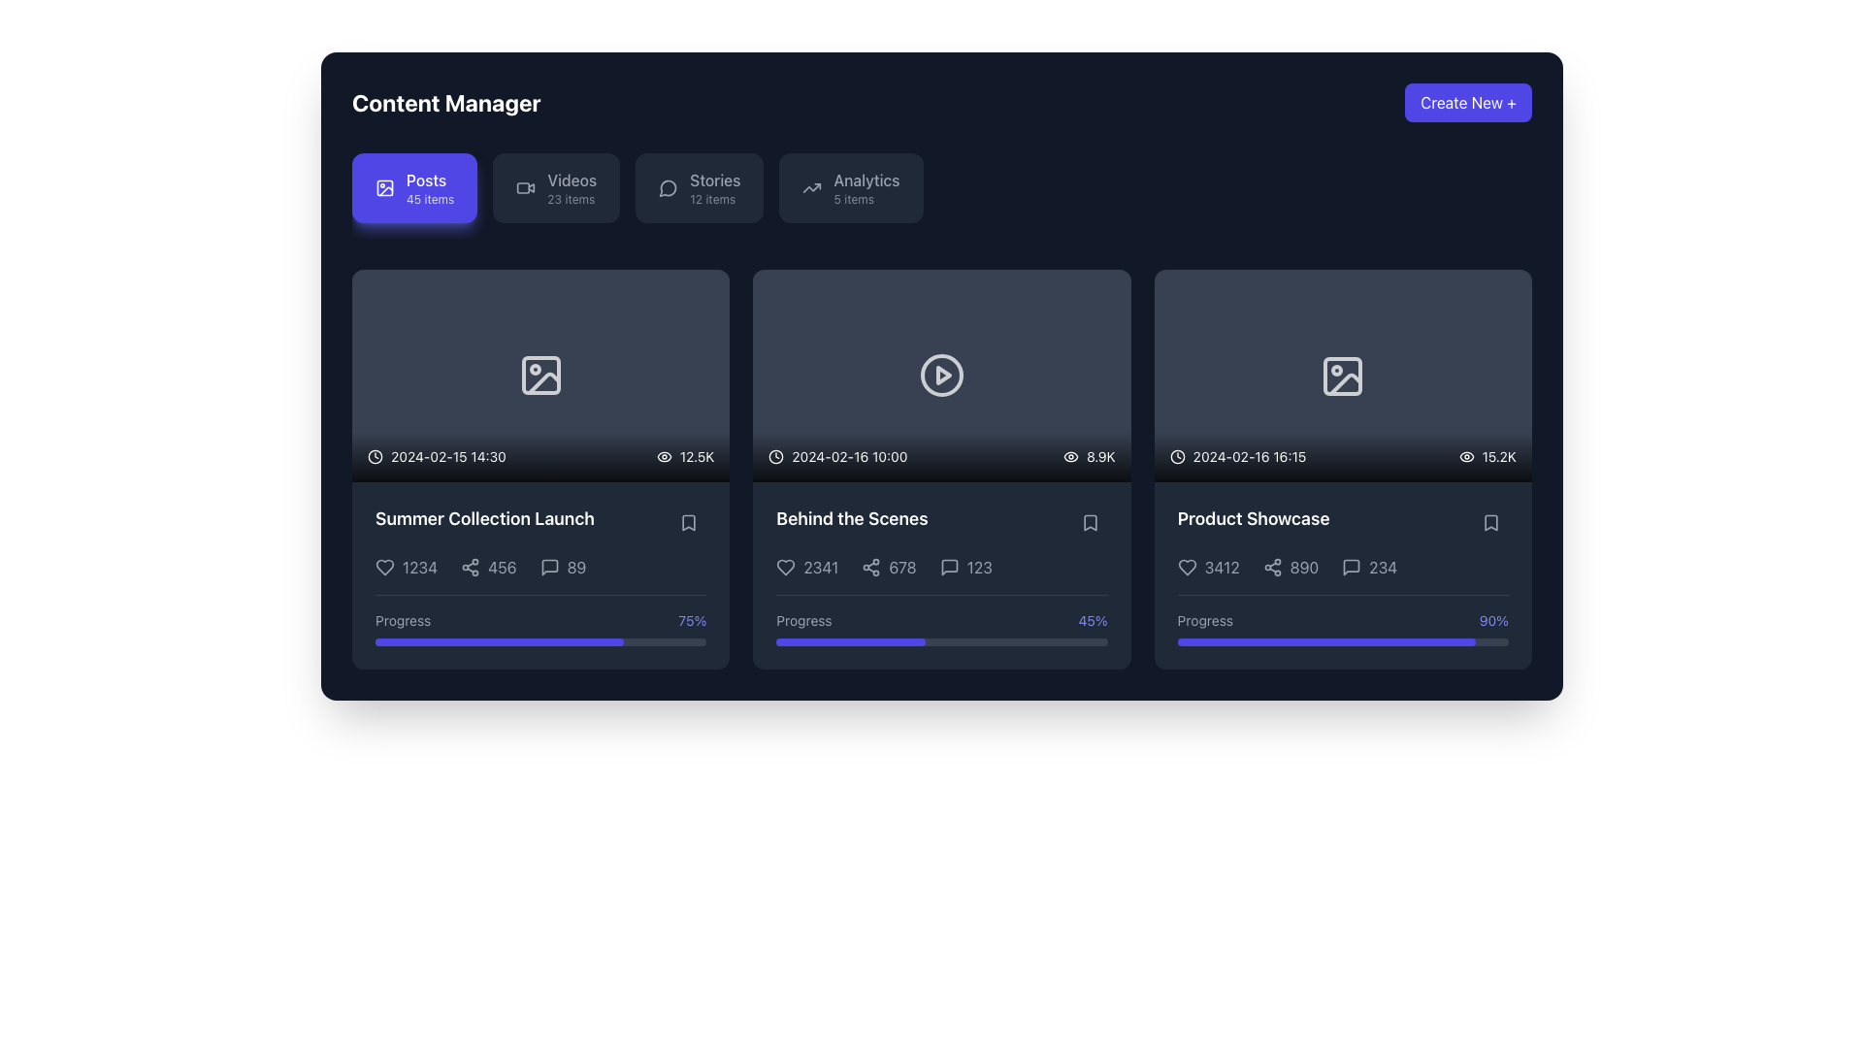 The image size is (1863, 1048). I want to click on the progress bar indicating 90% completion, located at the bottom of the 'Product Showcase' card in the third column, so click(1342, 642).